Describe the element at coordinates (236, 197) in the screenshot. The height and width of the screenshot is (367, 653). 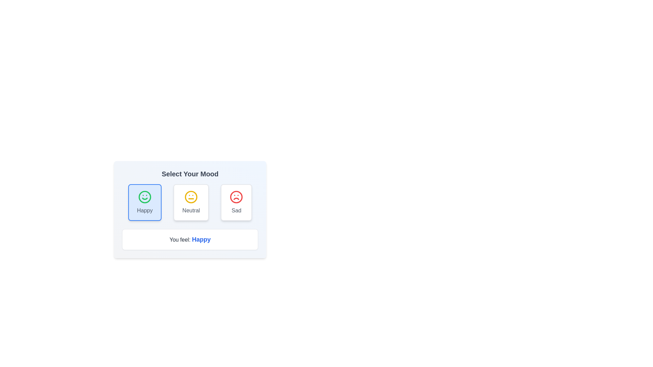
I see `the sad emoji icon representing the 'Sad' mood choice, located on the right in the row of mood selection options` at that location.